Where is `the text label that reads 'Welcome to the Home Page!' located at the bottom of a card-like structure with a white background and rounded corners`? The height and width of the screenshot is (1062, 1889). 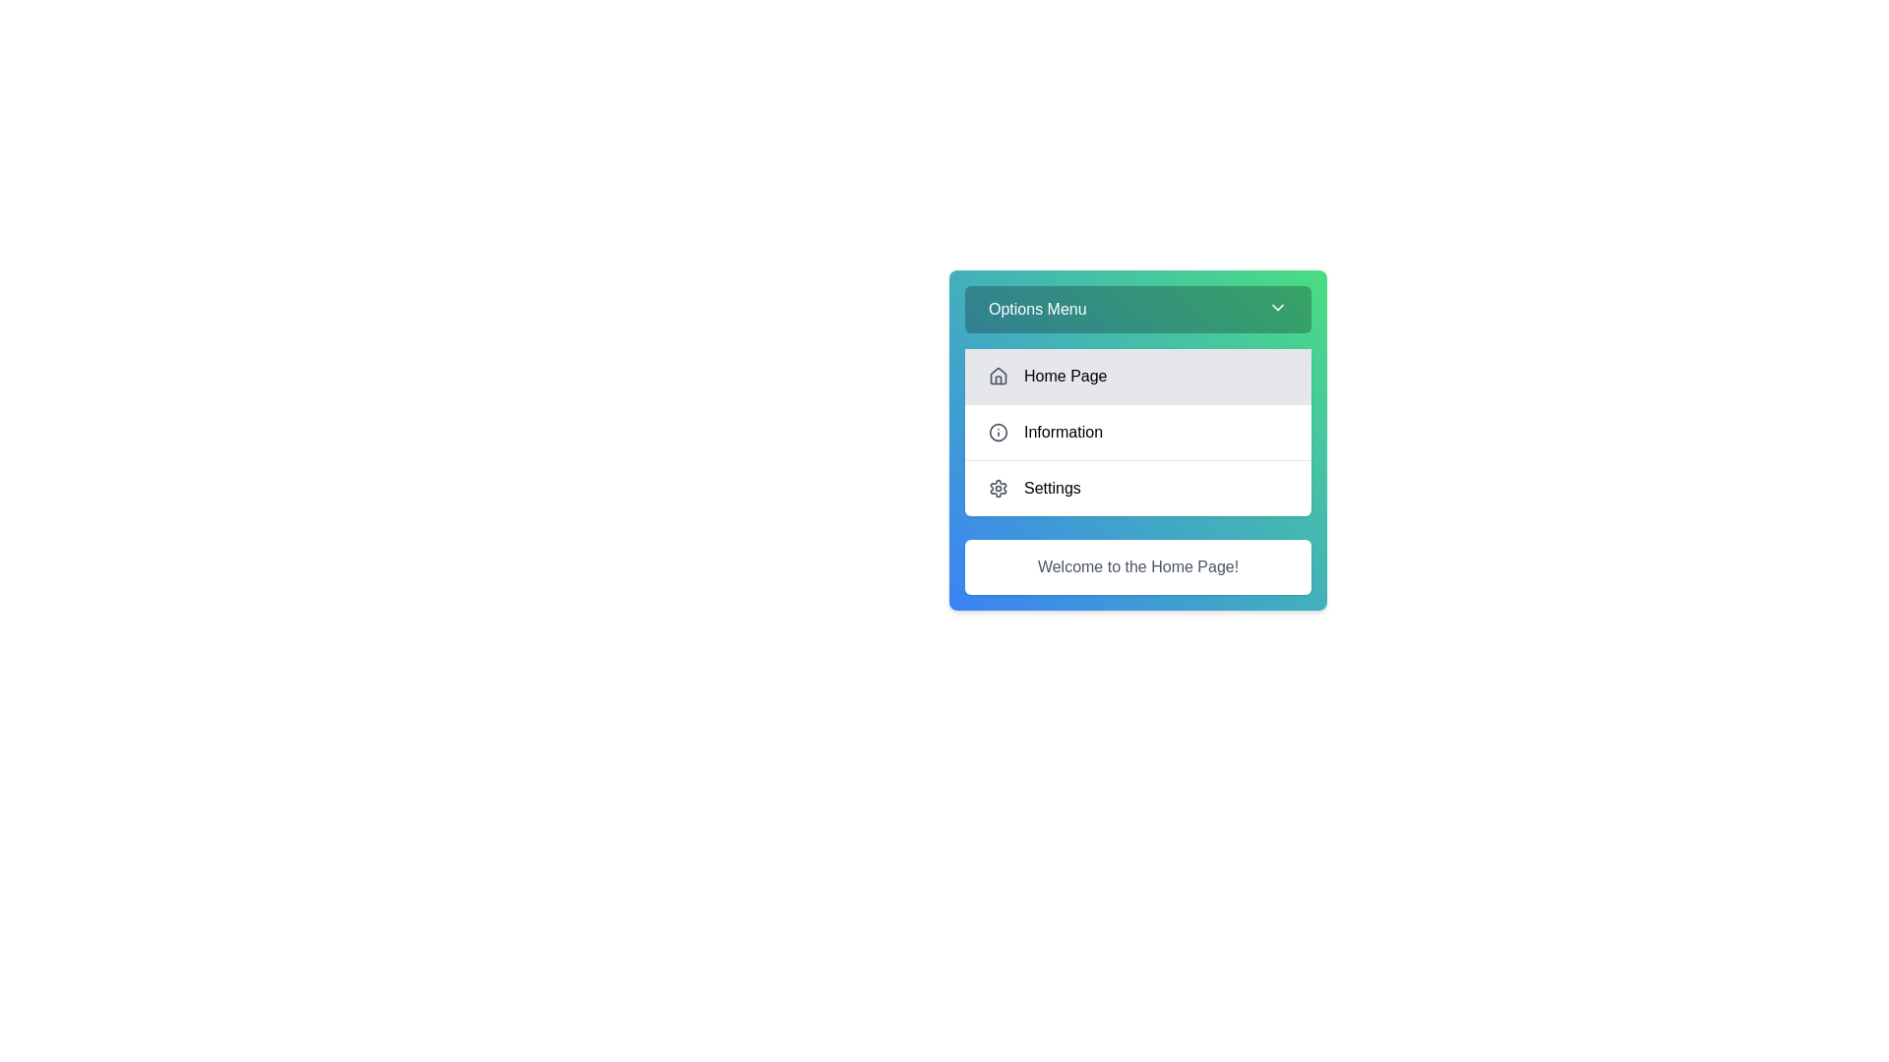
the text label that reads 'Welcome to the Home Page!' located at the bottom of a card-like structure with a white background and rounded corners is located at coordinates (1137, 567).